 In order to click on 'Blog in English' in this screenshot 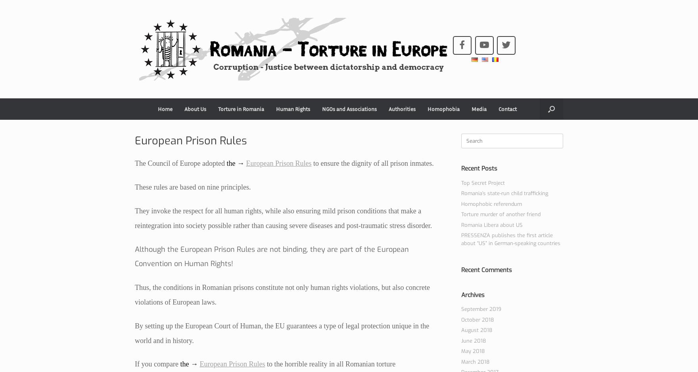, I will do `click(202, 128)`.